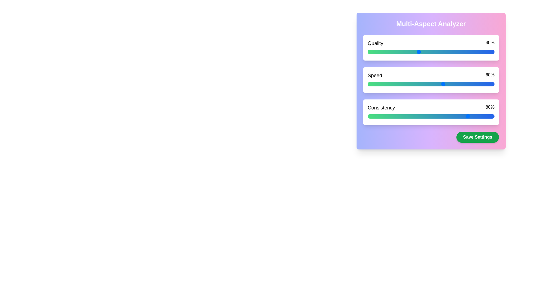  I want to click on the Text Label indicating the speed measurement within the 'Multi-Aspect Analyzer' interface, which is positioned under 'Quality' and above 'Consistency', so click(375, 76).